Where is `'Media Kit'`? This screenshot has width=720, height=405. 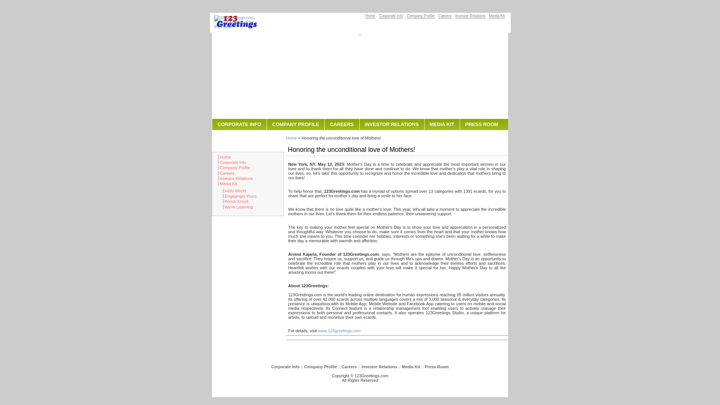 'Media Kit' is located at coordinates (489, 16).